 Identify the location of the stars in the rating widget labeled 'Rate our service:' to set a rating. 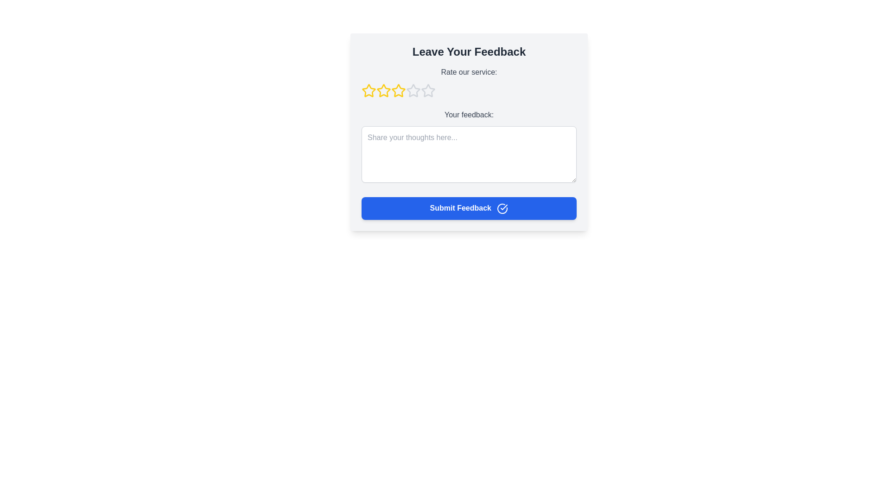
(469, 82).